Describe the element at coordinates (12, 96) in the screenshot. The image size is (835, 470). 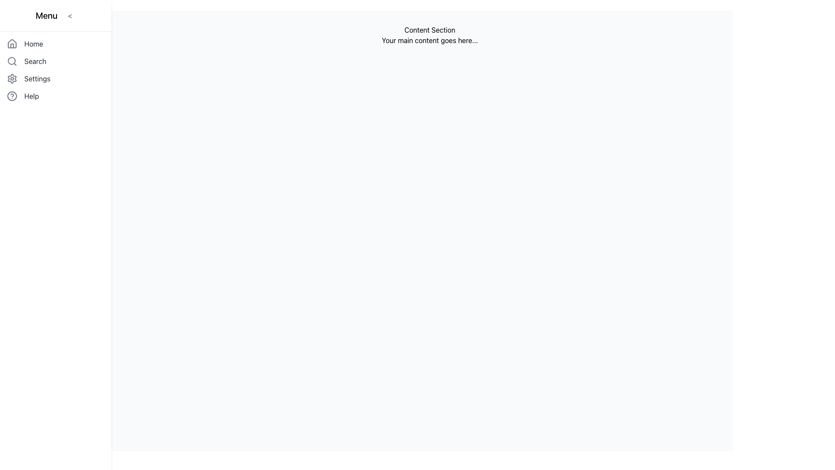
I see `the SVG Circle element that represents the gray outlined circular shape of the help icon located below the settings icon in the left navigation menu` at that location.